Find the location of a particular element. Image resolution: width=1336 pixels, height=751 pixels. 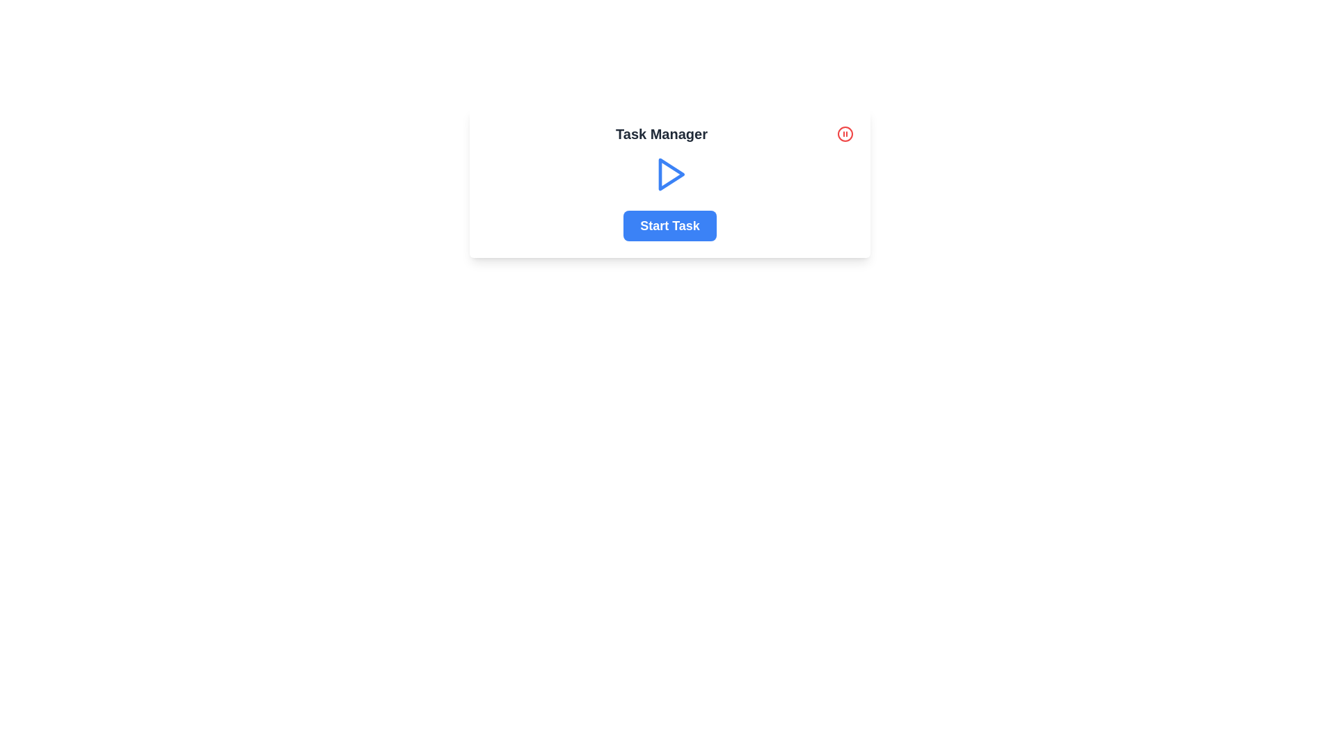

the 'Start Task' button, which is centrally located below the blue triangular play icon and the 'Task Manager' title in a task management application, to observe the hover effects is located at coordinates (670, 225).